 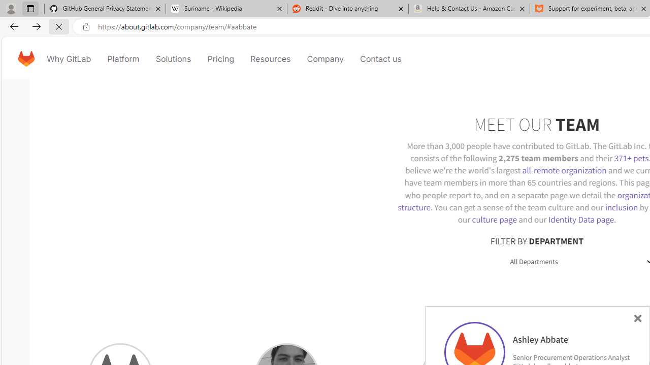 I want to click on 'Identity Data page', so click(x=581, y=219).